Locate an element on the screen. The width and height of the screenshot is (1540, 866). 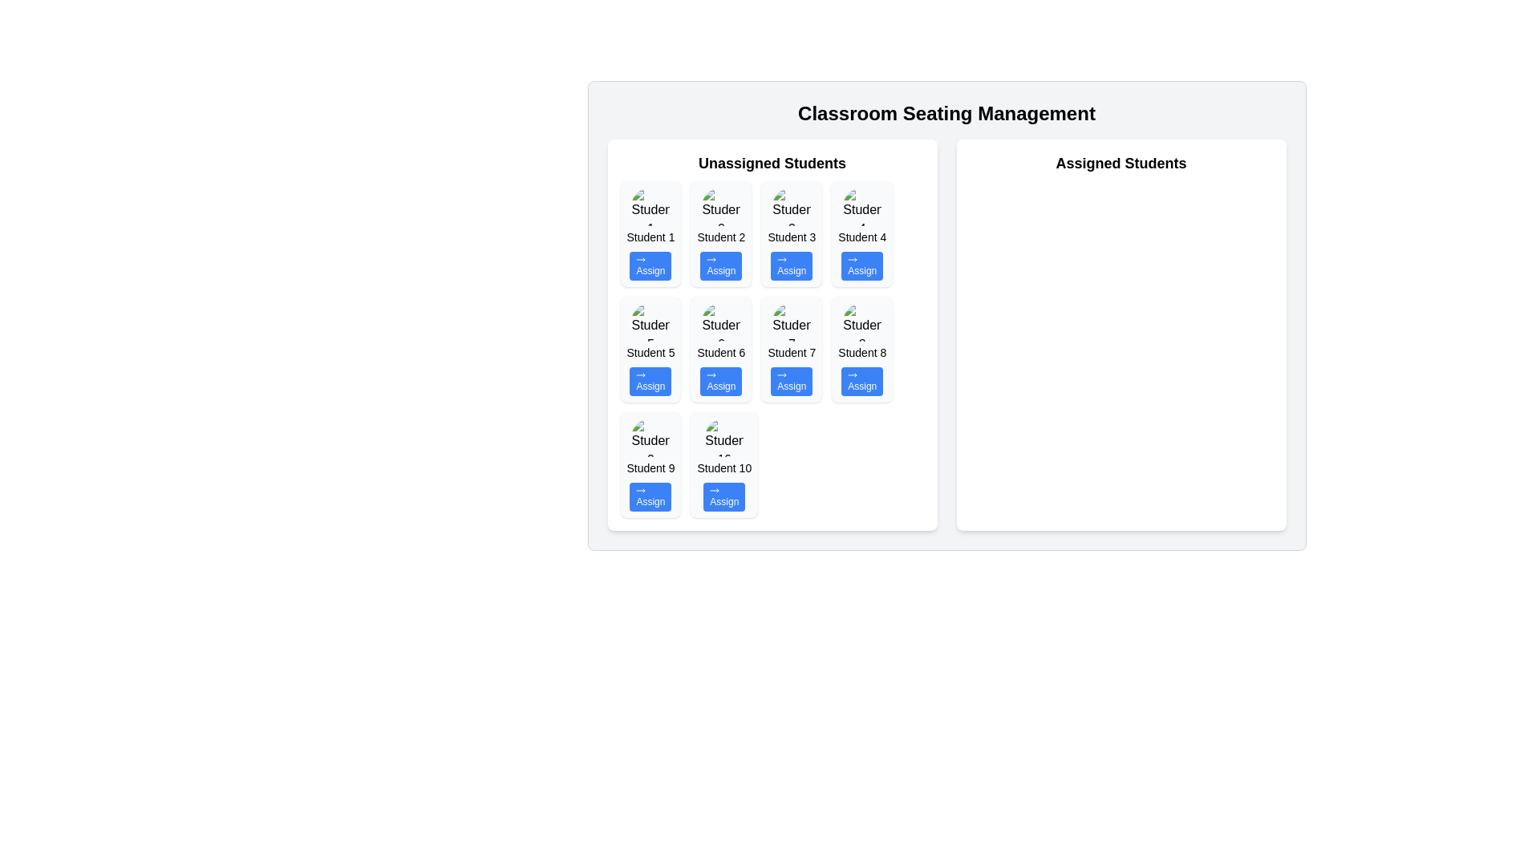
the 'Assign' button on the interactive card labeled 'Student 9', which is the 9th card in the 'Unassigned Students' grid is located at coordinates (650, 464).